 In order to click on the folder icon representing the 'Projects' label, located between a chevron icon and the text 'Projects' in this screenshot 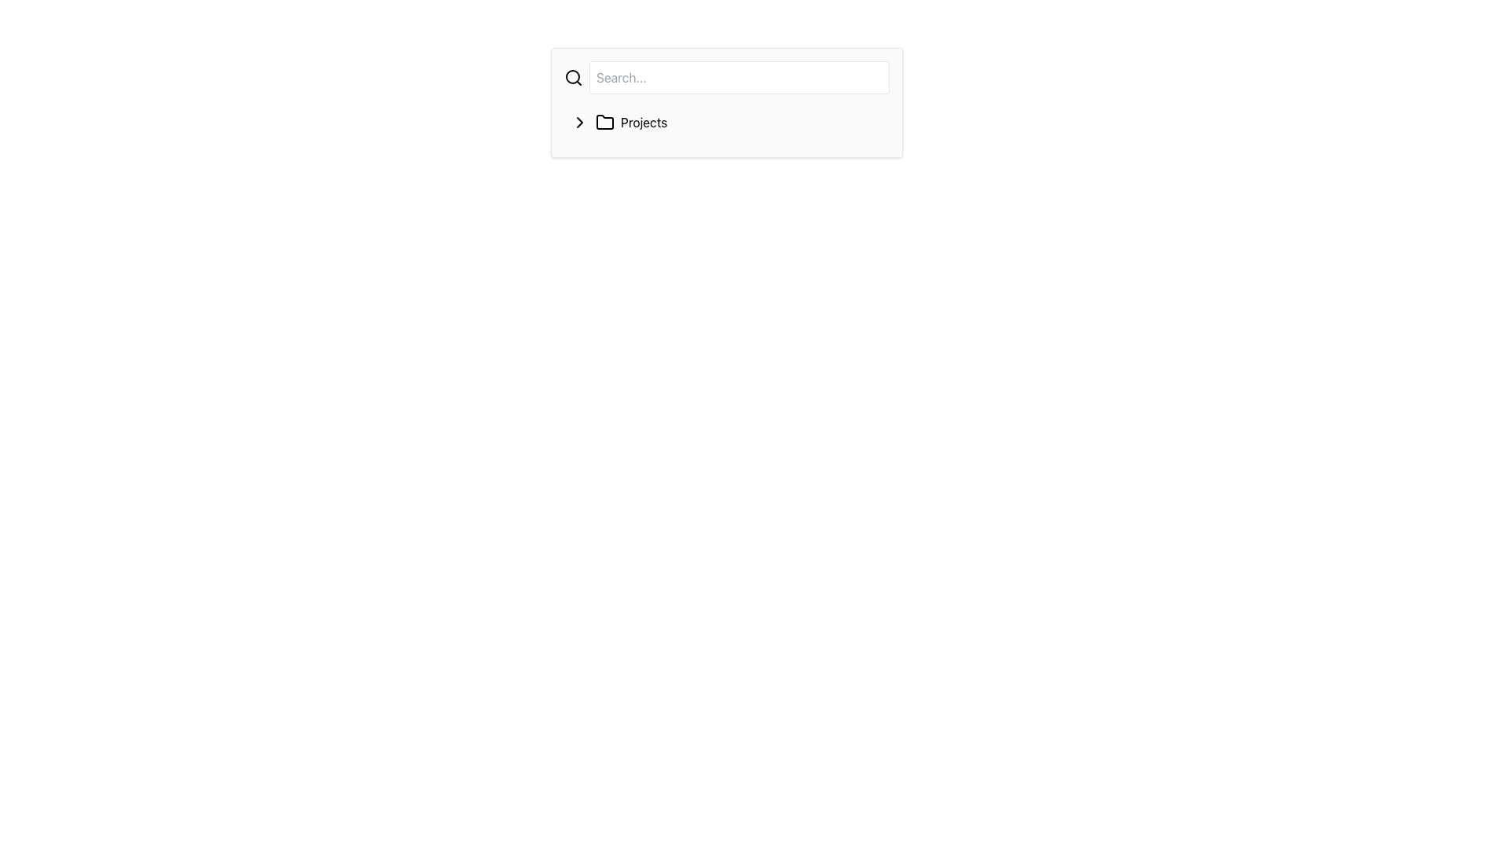, I will do `click(604, 121)`.